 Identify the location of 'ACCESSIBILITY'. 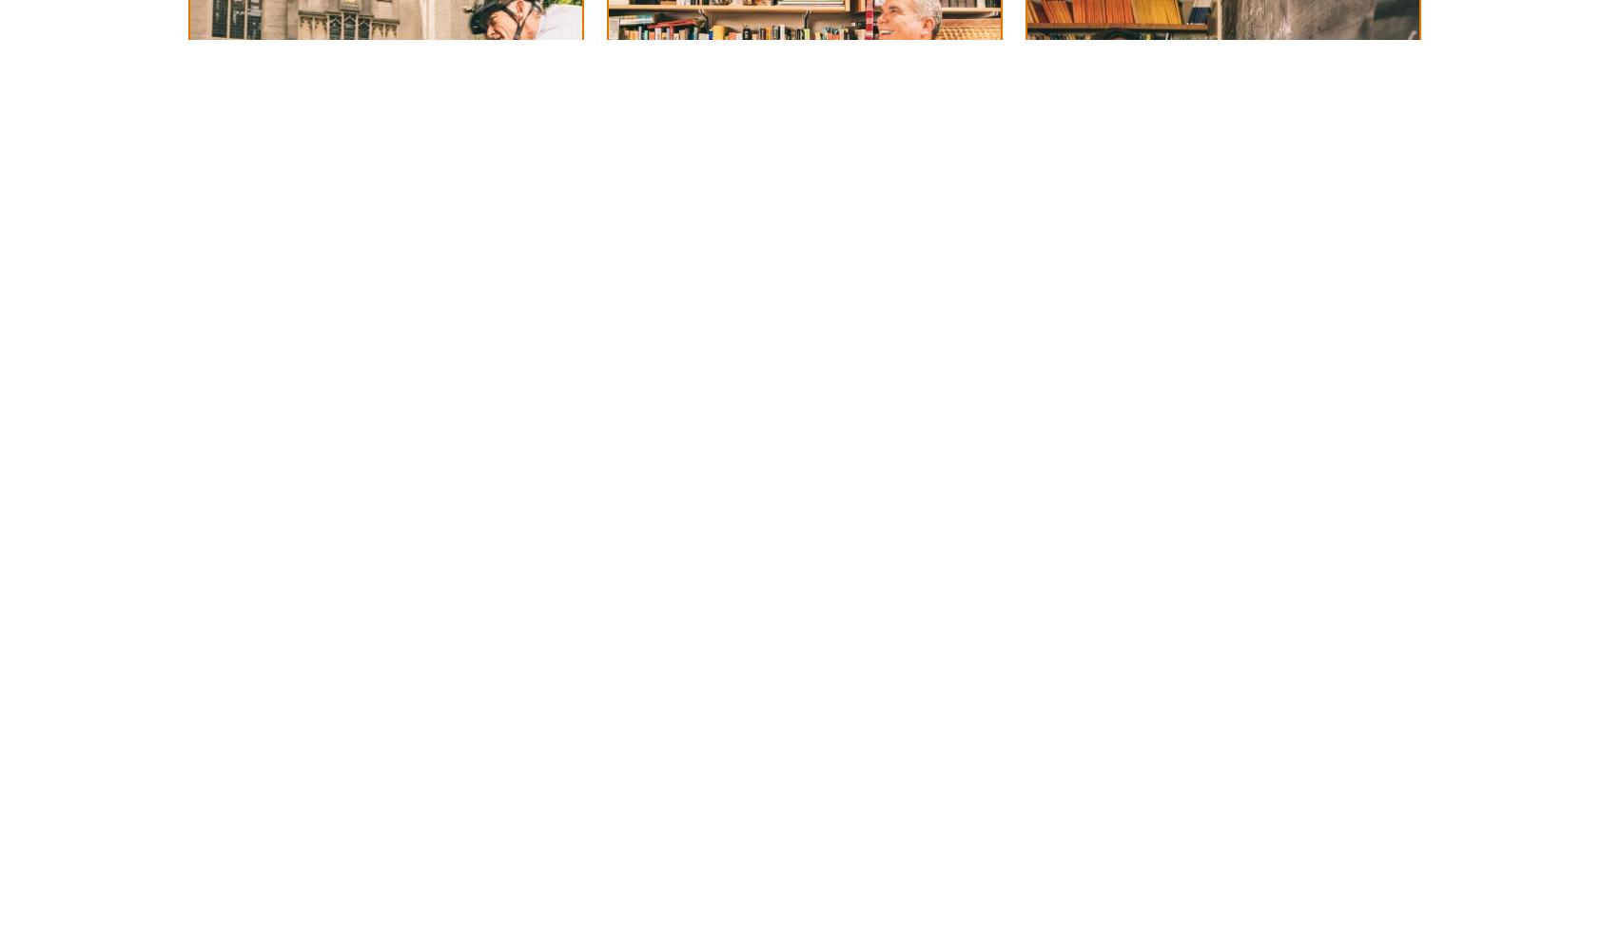
(335, 53).